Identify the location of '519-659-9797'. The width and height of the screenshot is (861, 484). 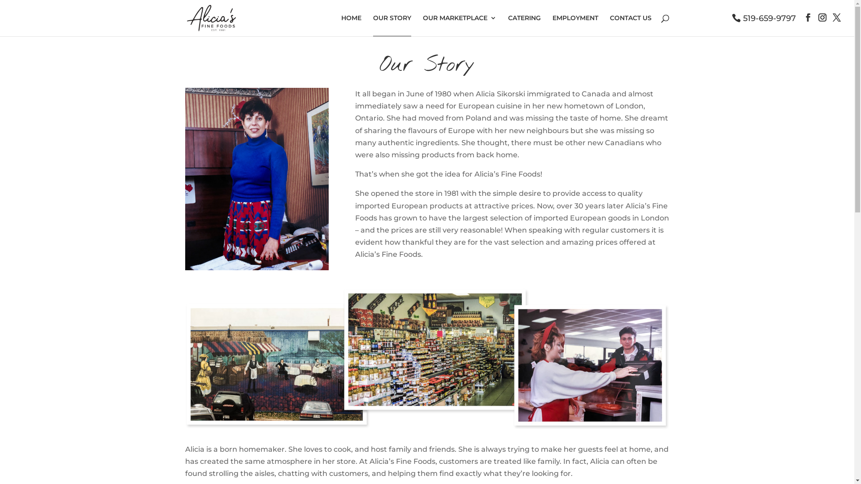
(763, 18).